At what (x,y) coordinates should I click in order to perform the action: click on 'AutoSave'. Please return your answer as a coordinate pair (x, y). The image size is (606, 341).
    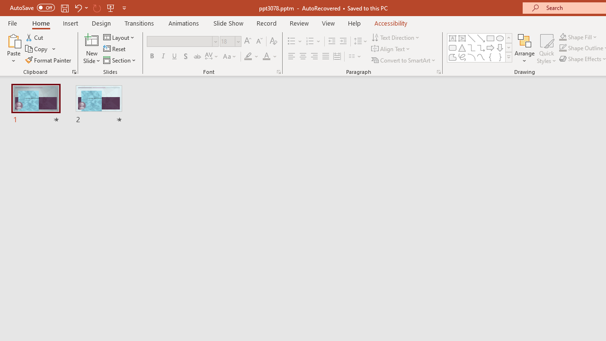
    Looking at the image, I should click on (32, 8).